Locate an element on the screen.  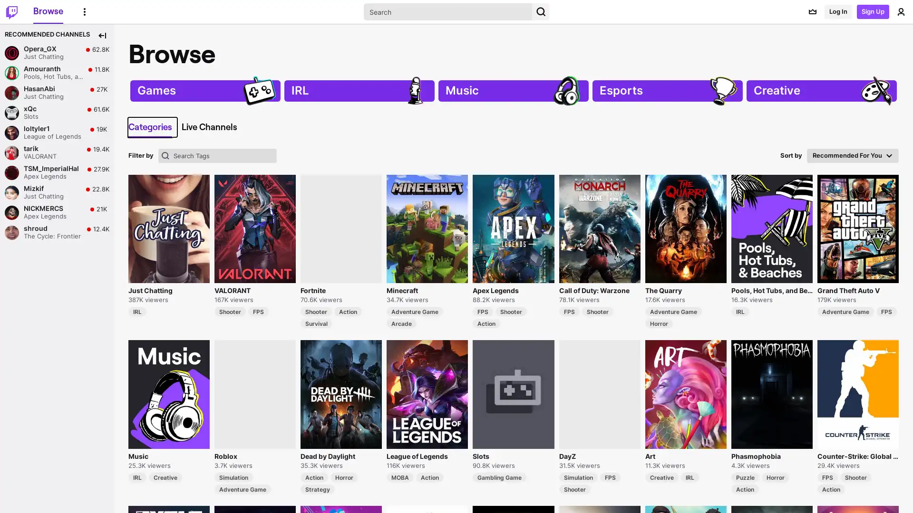
User Menu is located at coordinates (901, 11).